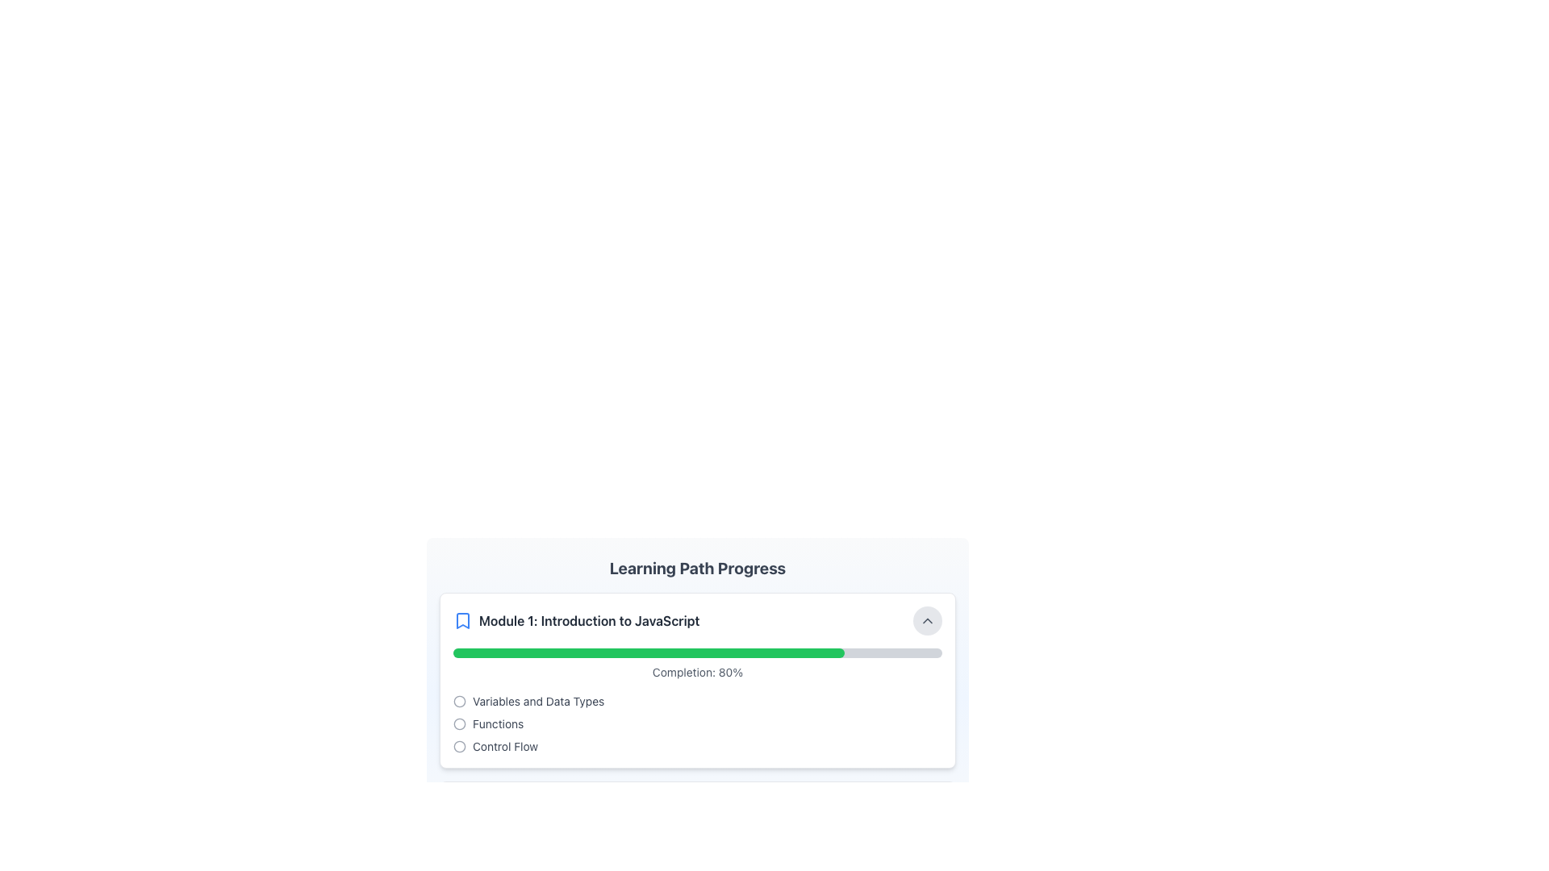  Describe the element at coordinates (459, 723) in the screenshot. I see `properties of the hollow gray circle representing an inactive state within the 'Functions' entry of 'Module 1: Introduction to JavaScript' by clicking on it` at that location.